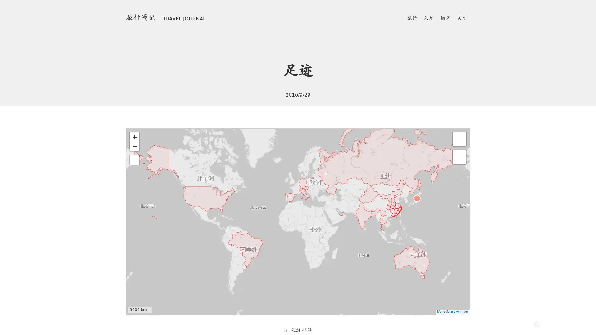  What do you see at coordinates (302, 187) in the screenshot?
I see `21` at bounding box center [302, 187].